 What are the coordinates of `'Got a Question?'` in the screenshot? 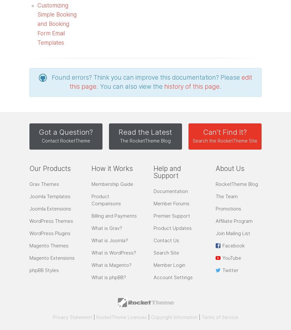 It's located at (38, 132).